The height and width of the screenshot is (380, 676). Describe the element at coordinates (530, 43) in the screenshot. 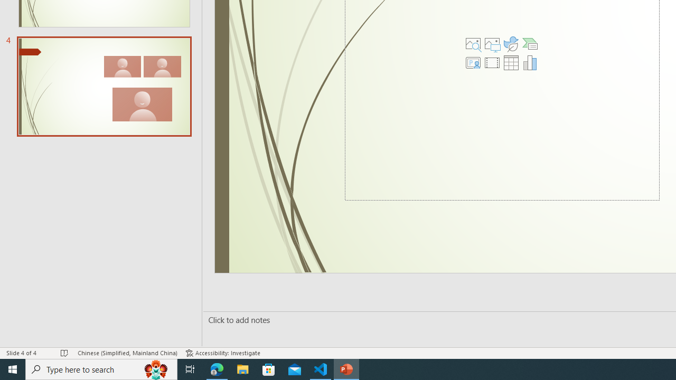

I see `'Insert a SmartArt Graphic'` at that location.